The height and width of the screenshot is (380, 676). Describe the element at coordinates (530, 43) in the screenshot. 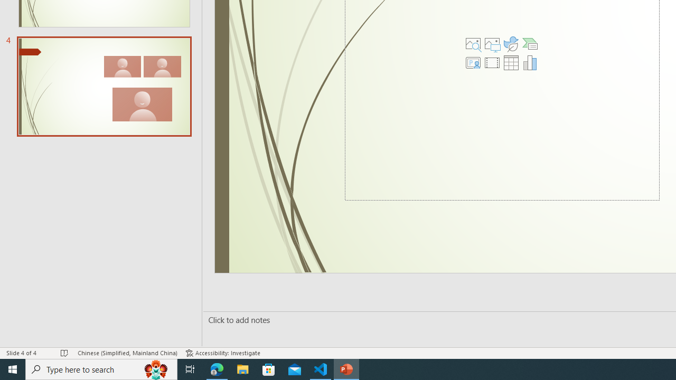

I see `'Insert a SmartArt Graphic'` at that location.